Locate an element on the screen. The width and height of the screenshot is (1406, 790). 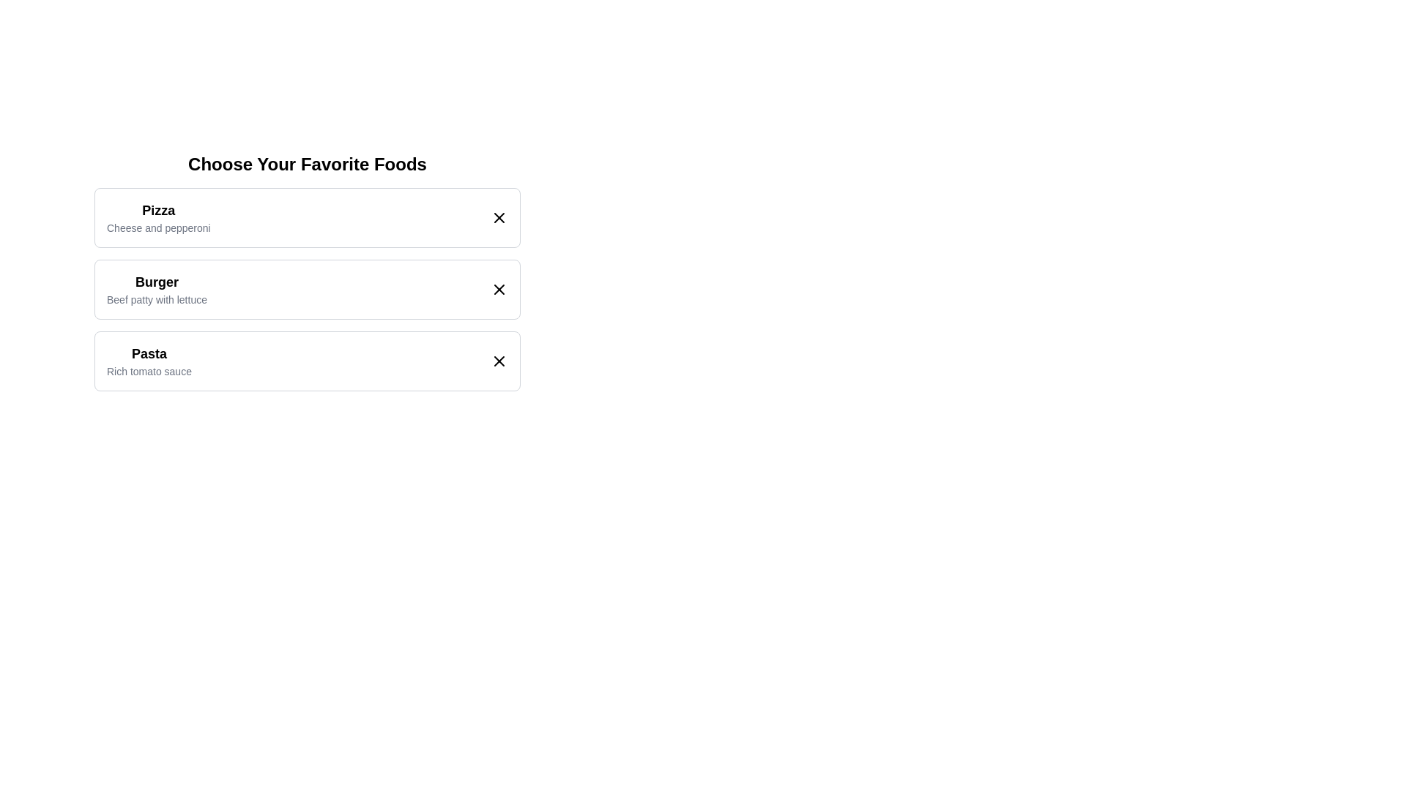
the close button (X icon) located on the right-hand side of the 'Burger' menu item labeled 'Beef patty with lettuce' is located at coordinates (499, 290).